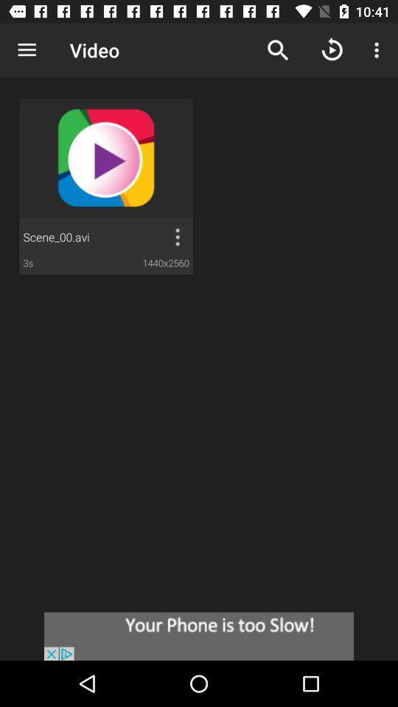  Describe the element at coordinates (278, 50) in the screenshot. I see `the search option` at that location.